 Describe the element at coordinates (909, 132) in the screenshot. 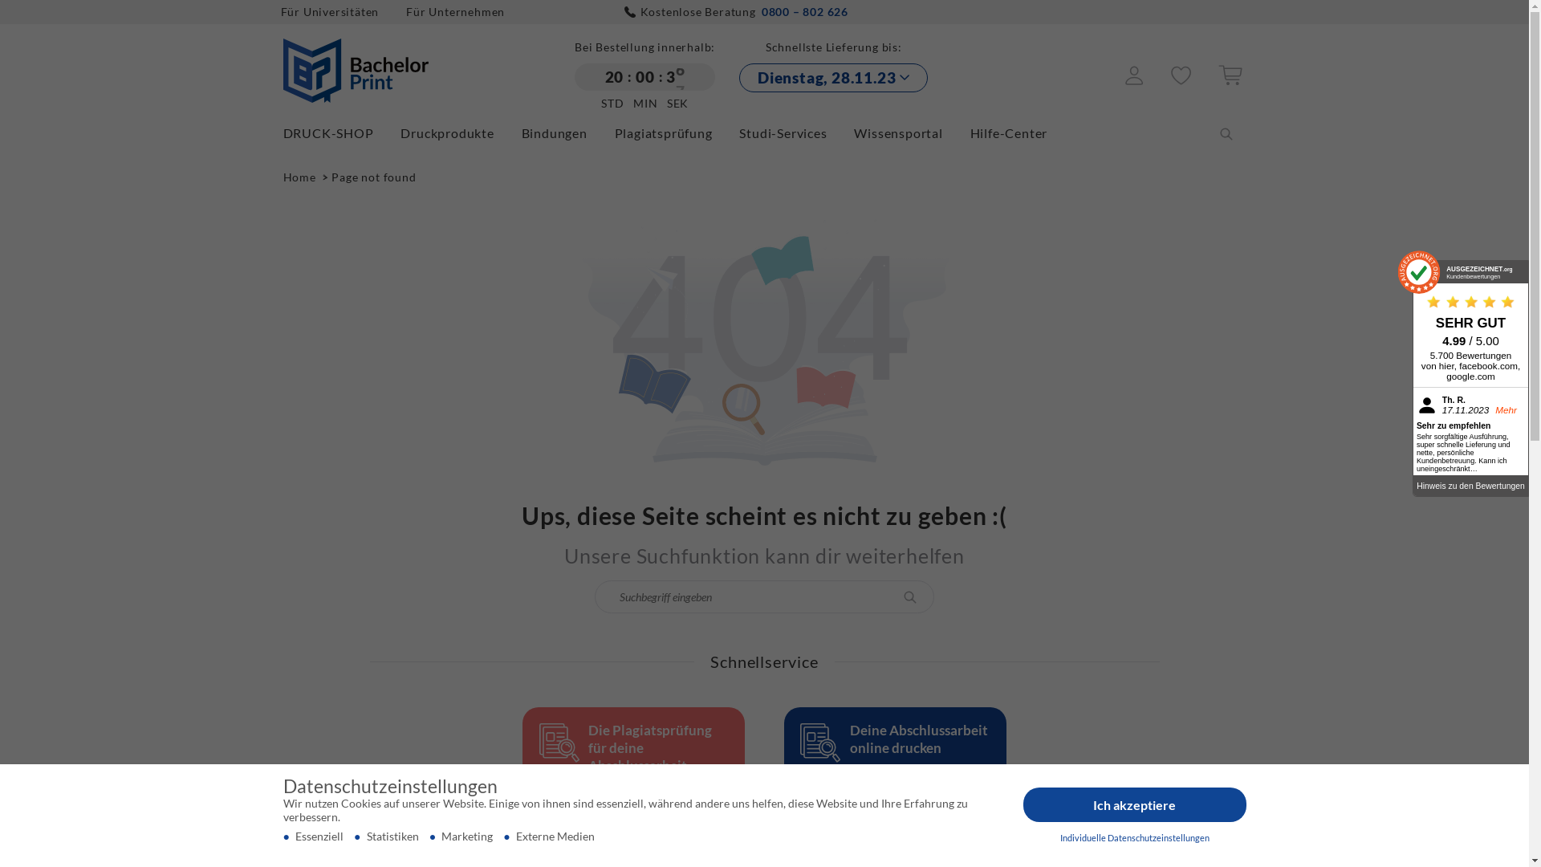

I see `'Wissensportal'` at that location.